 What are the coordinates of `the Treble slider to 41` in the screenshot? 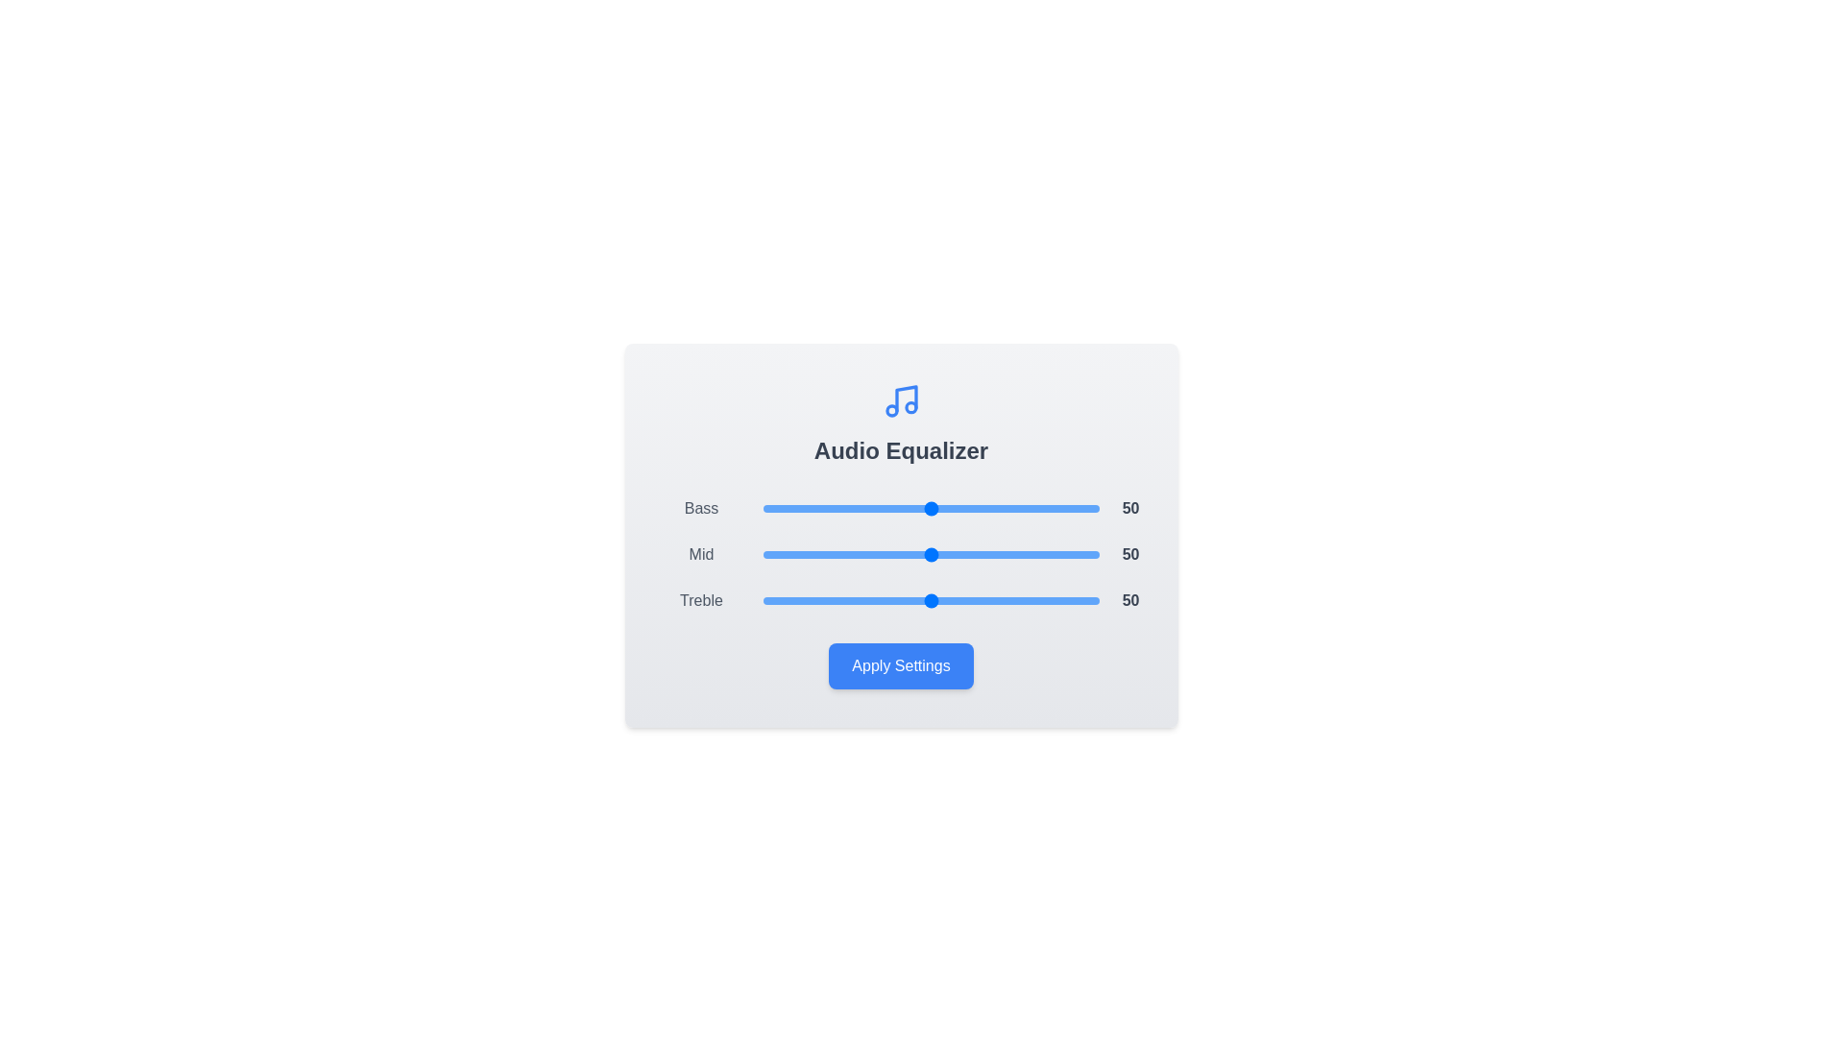 It's located at (900, 599).